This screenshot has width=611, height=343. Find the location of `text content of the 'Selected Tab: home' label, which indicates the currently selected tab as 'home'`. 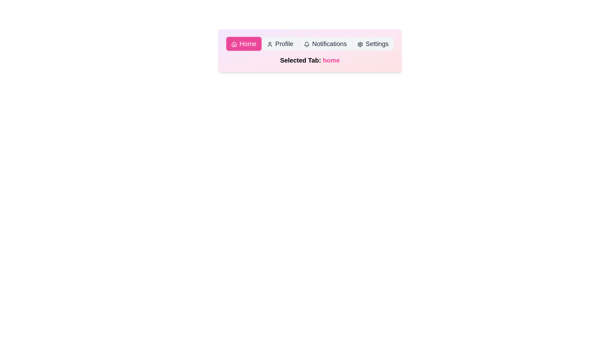

text content of the 'Selected Tab: home' label, which indicates the currently selected tab as 'home' is located at coordinates (331, 60).